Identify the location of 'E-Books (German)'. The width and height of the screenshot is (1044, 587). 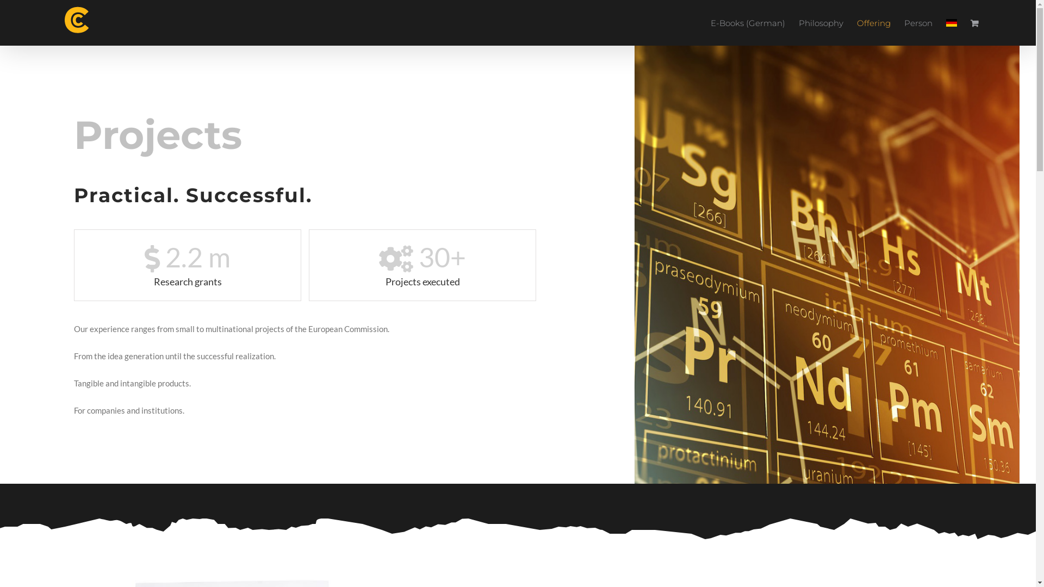
(747, 23).